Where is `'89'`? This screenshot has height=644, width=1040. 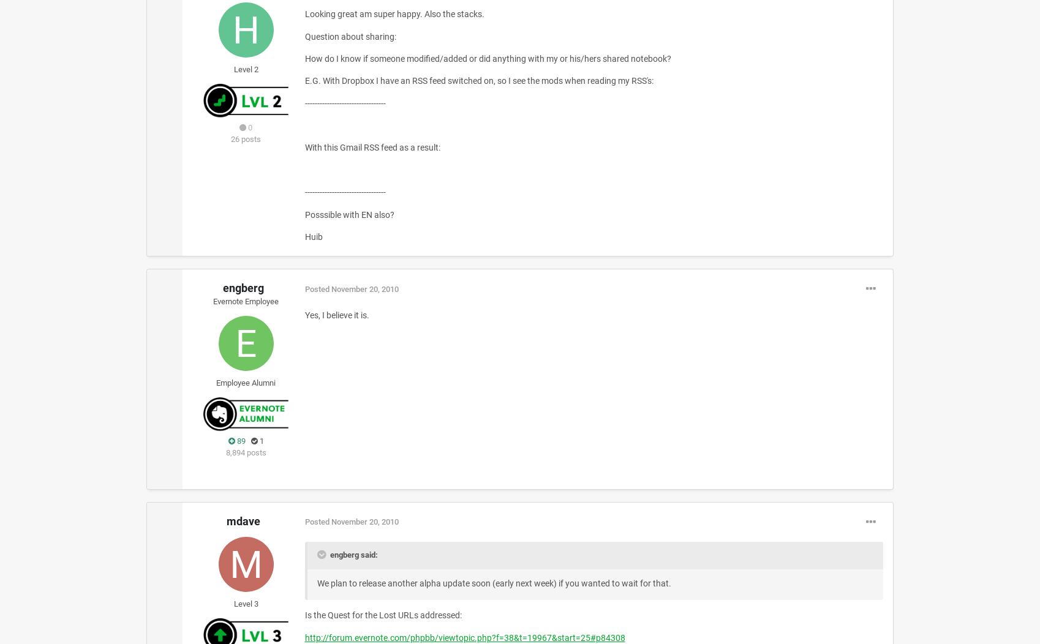 '89' is located at coordinates (239, 440).